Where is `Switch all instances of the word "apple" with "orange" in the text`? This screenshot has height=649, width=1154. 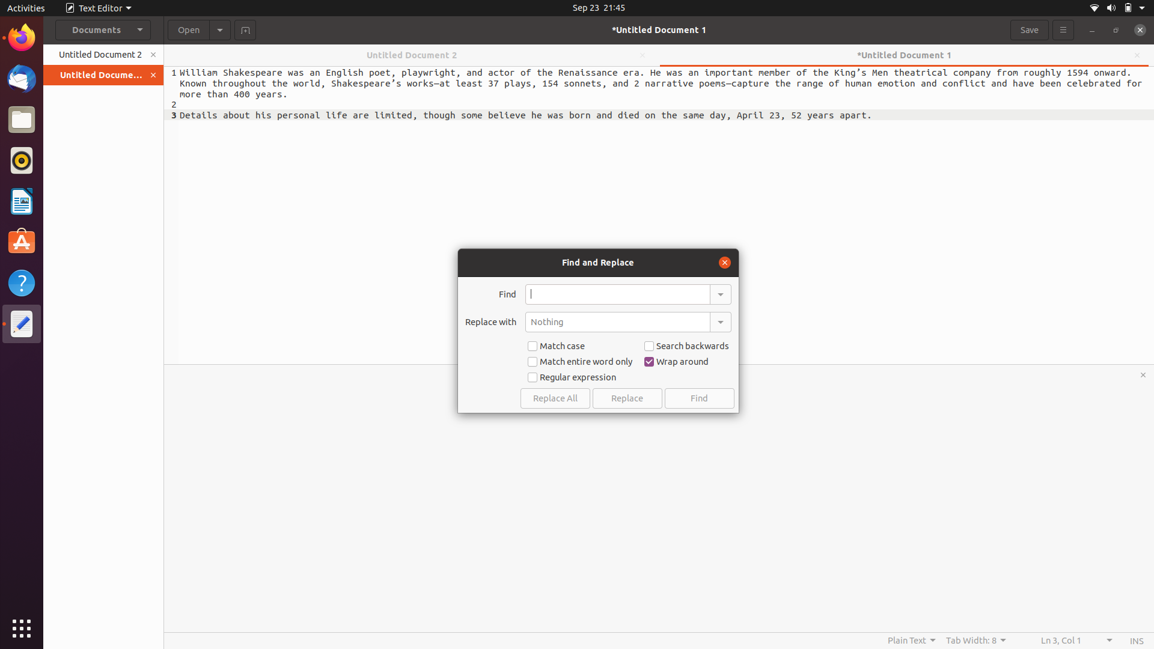 Switch all instances of the word "apple" with "orange" in the text is located at coordinates (617, 294).